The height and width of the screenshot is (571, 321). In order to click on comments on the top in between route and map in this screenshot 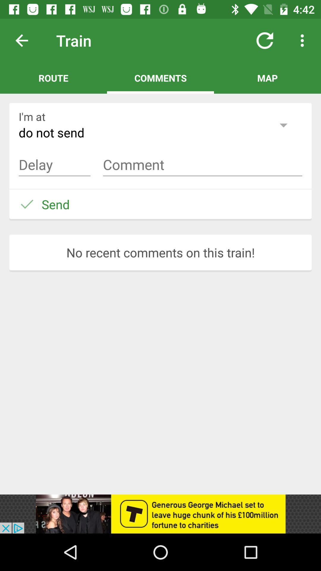, I will do `click(160, 78)`.